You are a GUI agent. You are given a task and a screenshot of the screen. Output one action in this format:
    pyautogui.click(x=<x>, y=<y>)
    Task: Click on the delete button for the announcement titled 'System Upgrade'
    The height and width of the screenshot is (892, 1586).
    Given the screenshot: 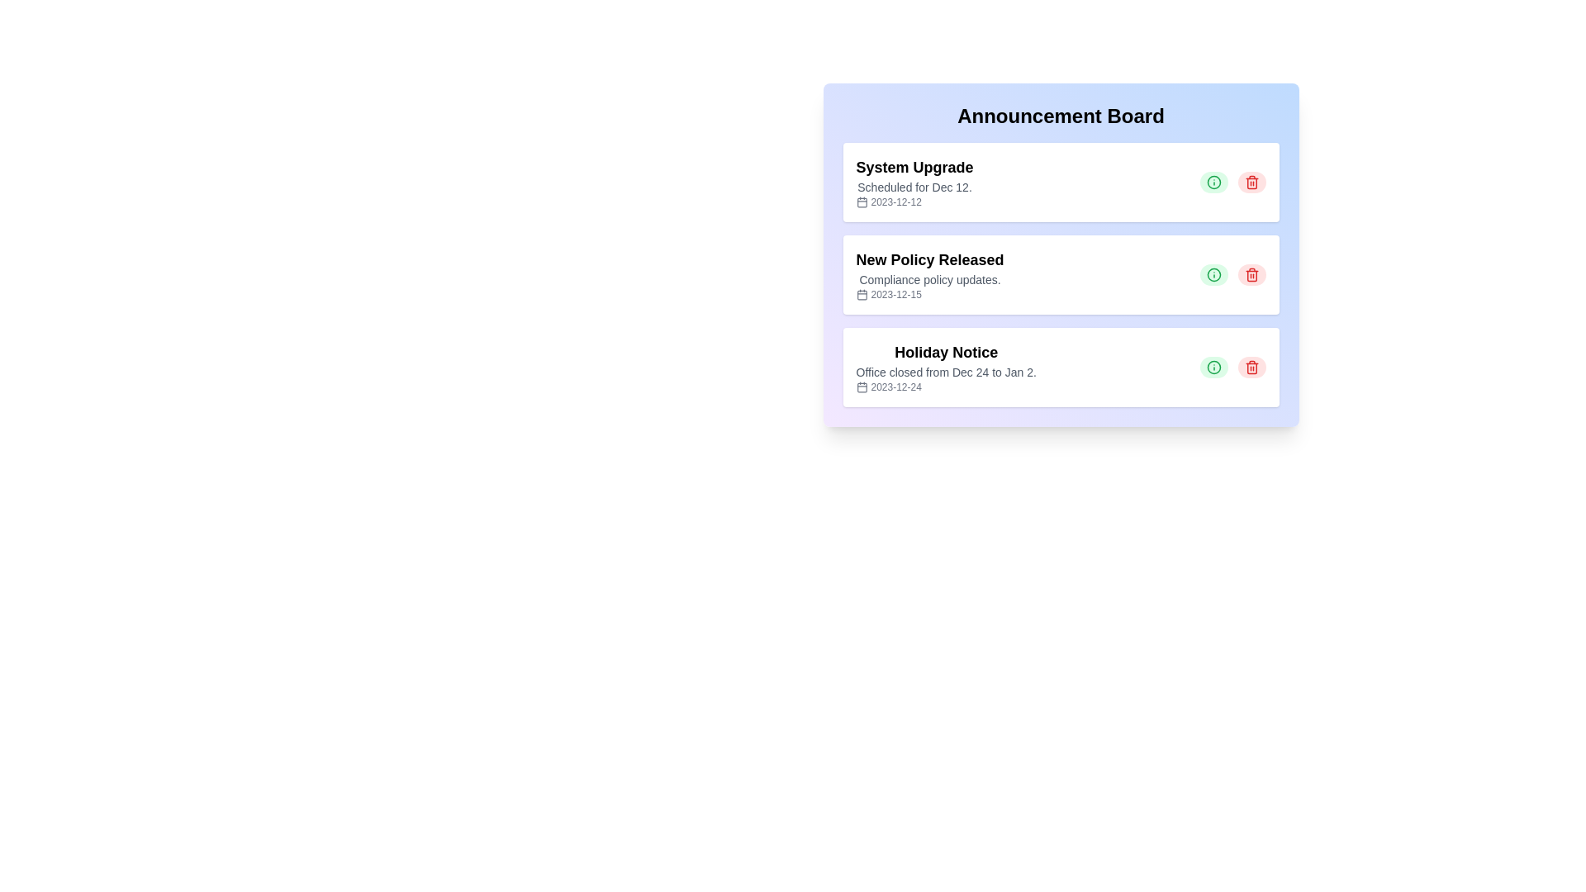 What is the action you would take?
    pyautogui.click(x=1251, y=182)
    